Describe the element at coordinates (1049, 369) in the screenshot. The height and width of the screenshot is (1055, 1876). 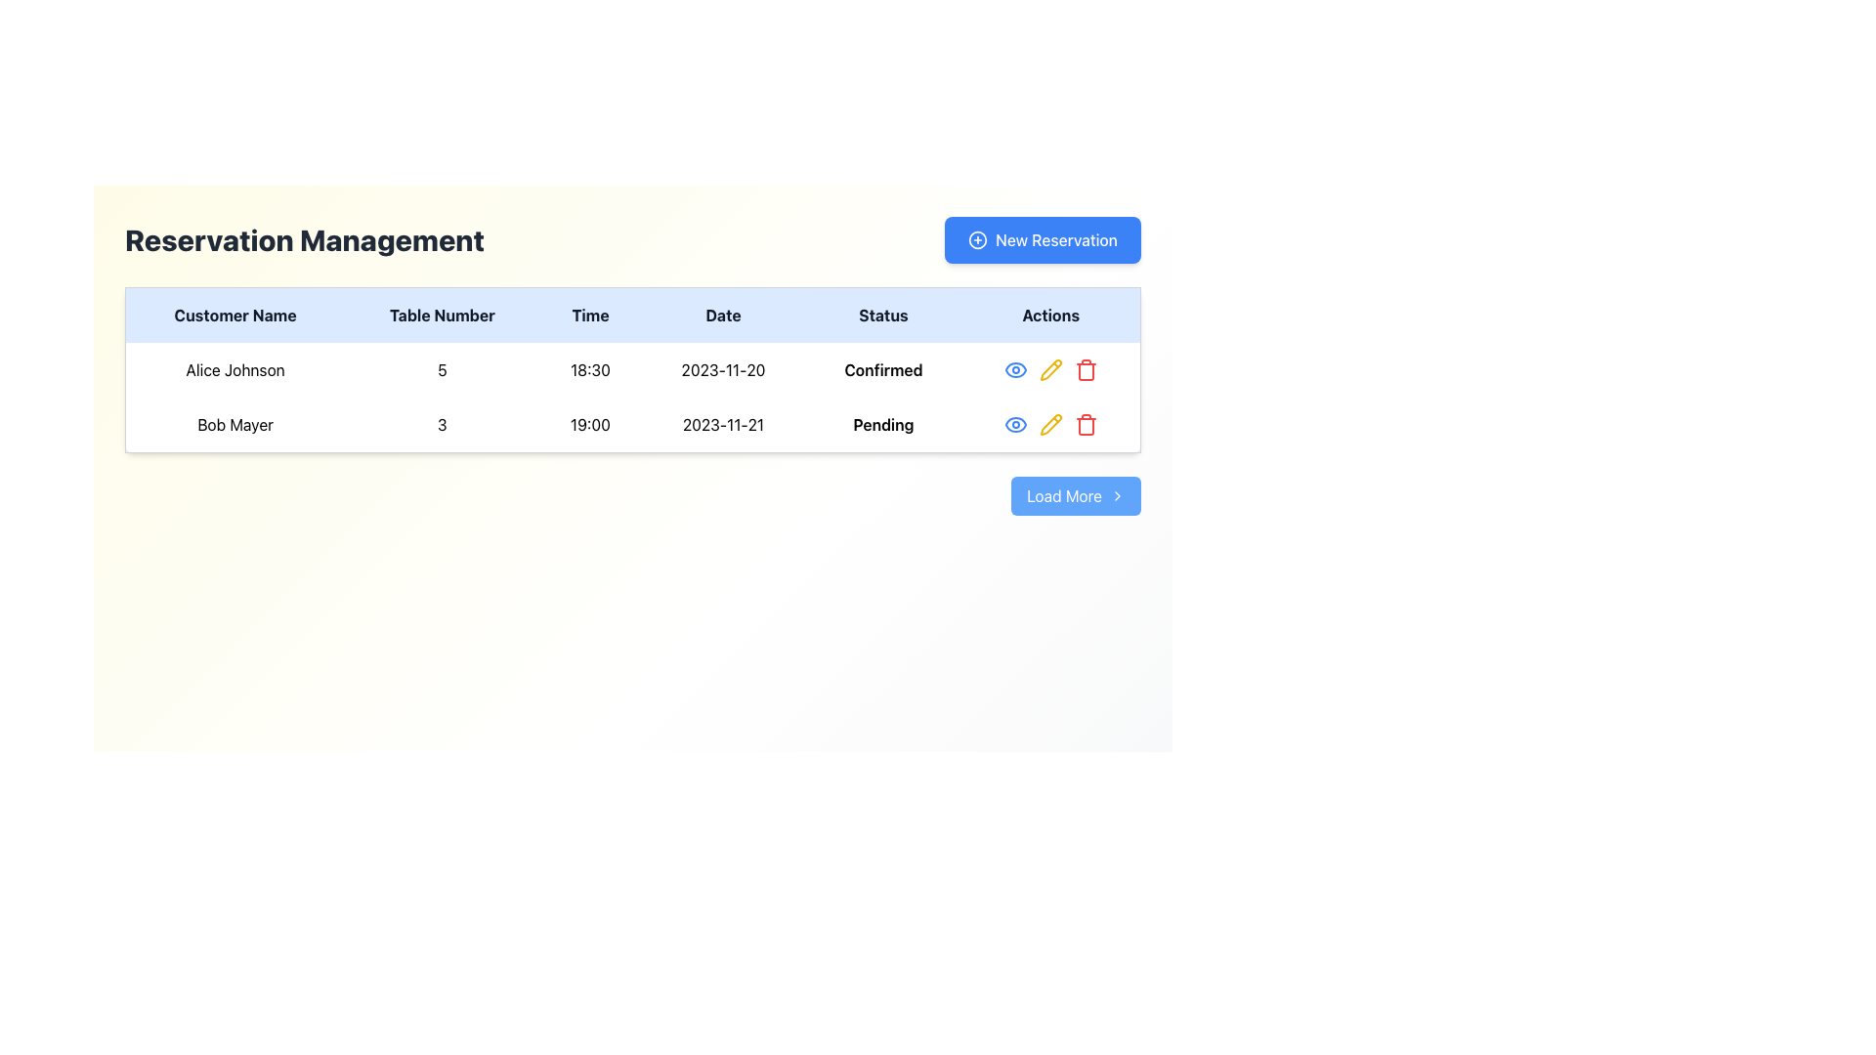
I see `the yellow pencil icon in the 'Actions' column of the second row in the reservation management table` at that location.